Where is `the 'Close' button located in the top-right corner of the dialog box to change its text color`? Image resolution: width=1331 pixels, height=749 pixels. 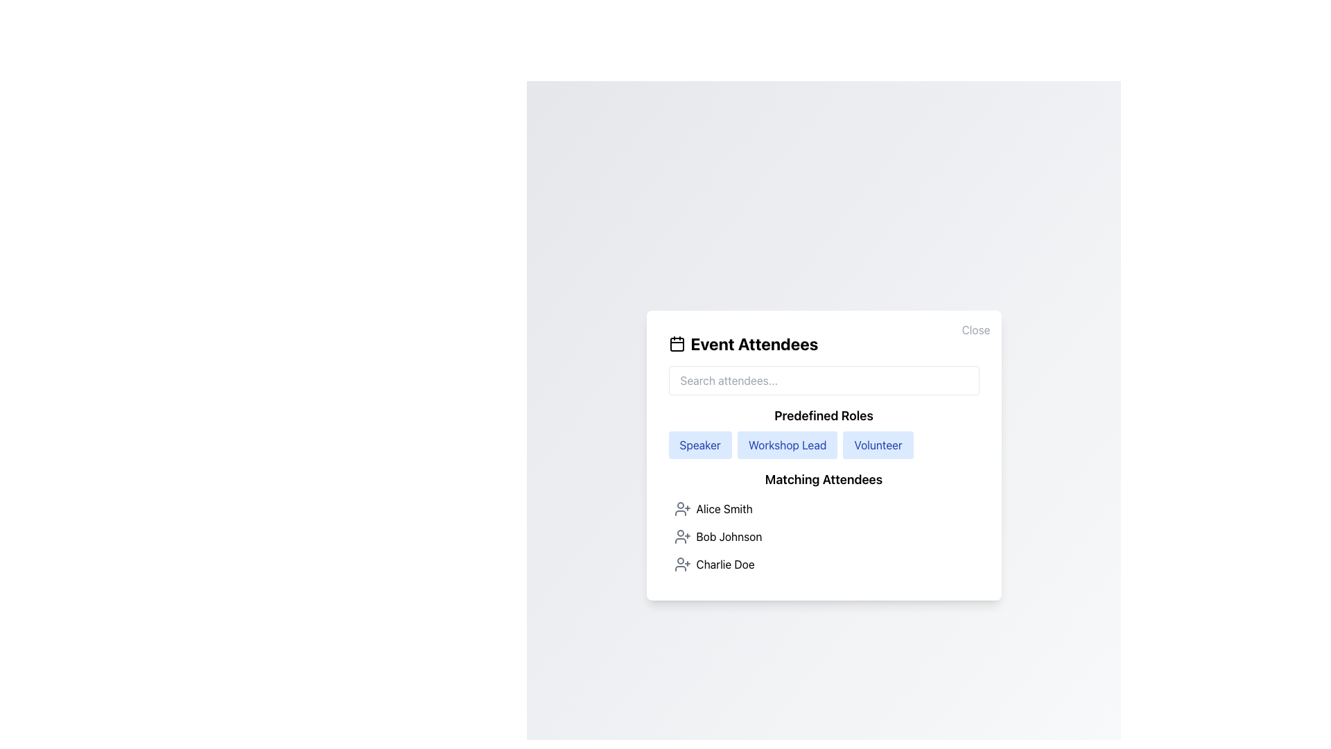 the 'Close' button located in the top-right corner of the dialog box to change its text color is located at coordinates (975, 329).